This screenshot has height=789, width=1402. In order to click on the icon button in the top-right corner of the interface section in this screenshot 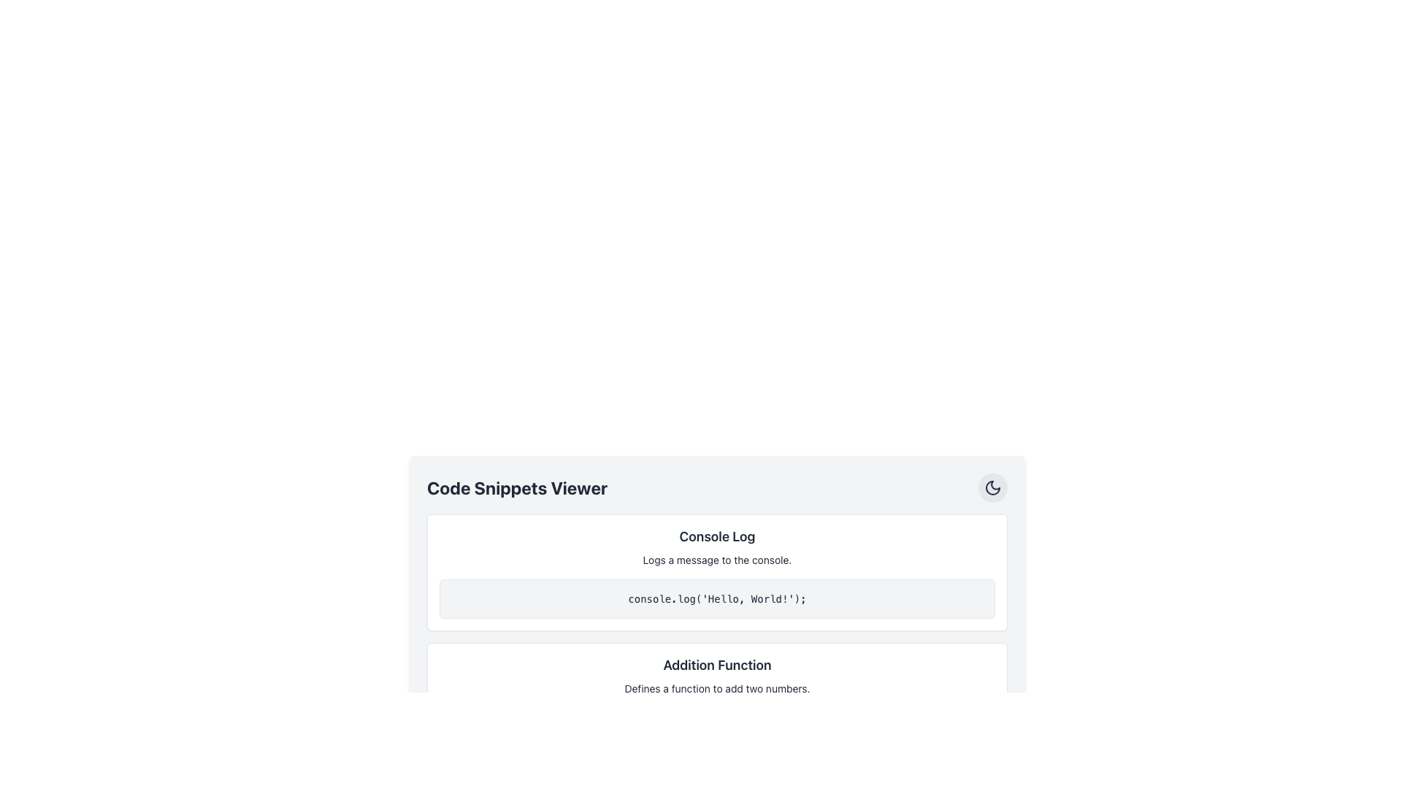, I will do `click(992, 487)`.